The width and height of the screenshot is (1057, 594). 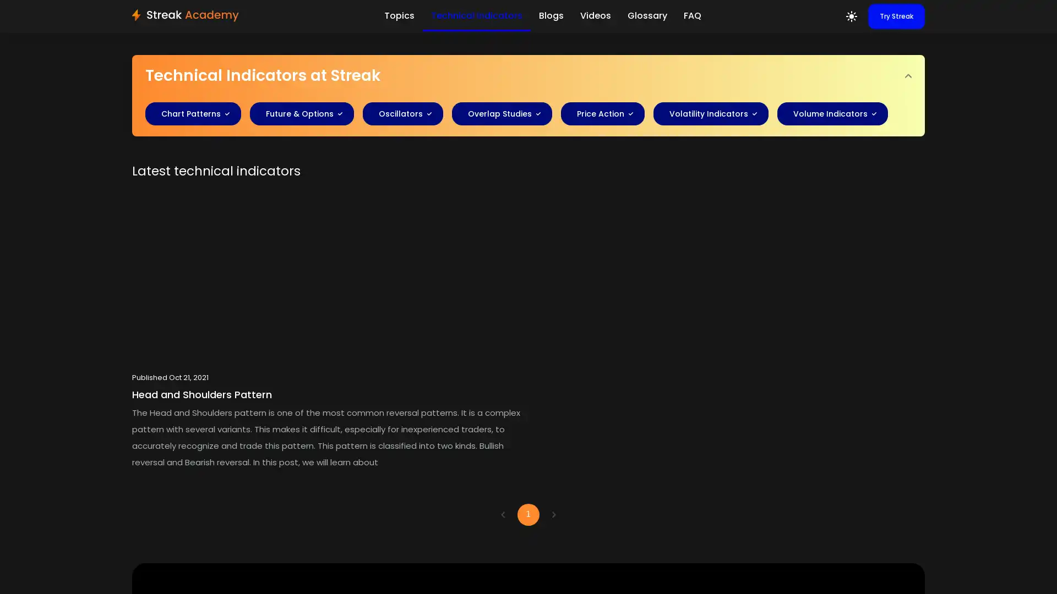 What do you see at coordinates (691, 15) in the screenshot?
I see `FAQ` at bounding box center [691, 15].